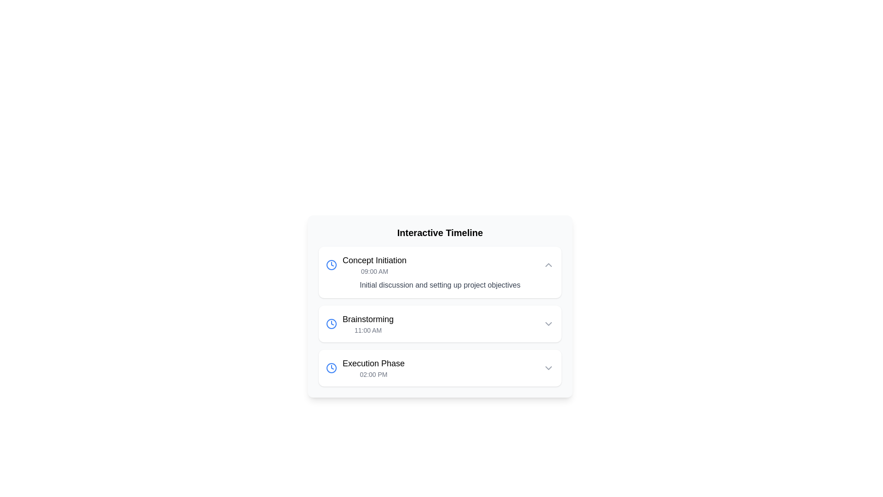 The width and height of the screenshot is (883, 497). I want to click on the informational Text Display that shows the scheduled time for the 'Brainstorming' event, located in the second event card directly below the title 'Brainstorming', so click(368, 329).